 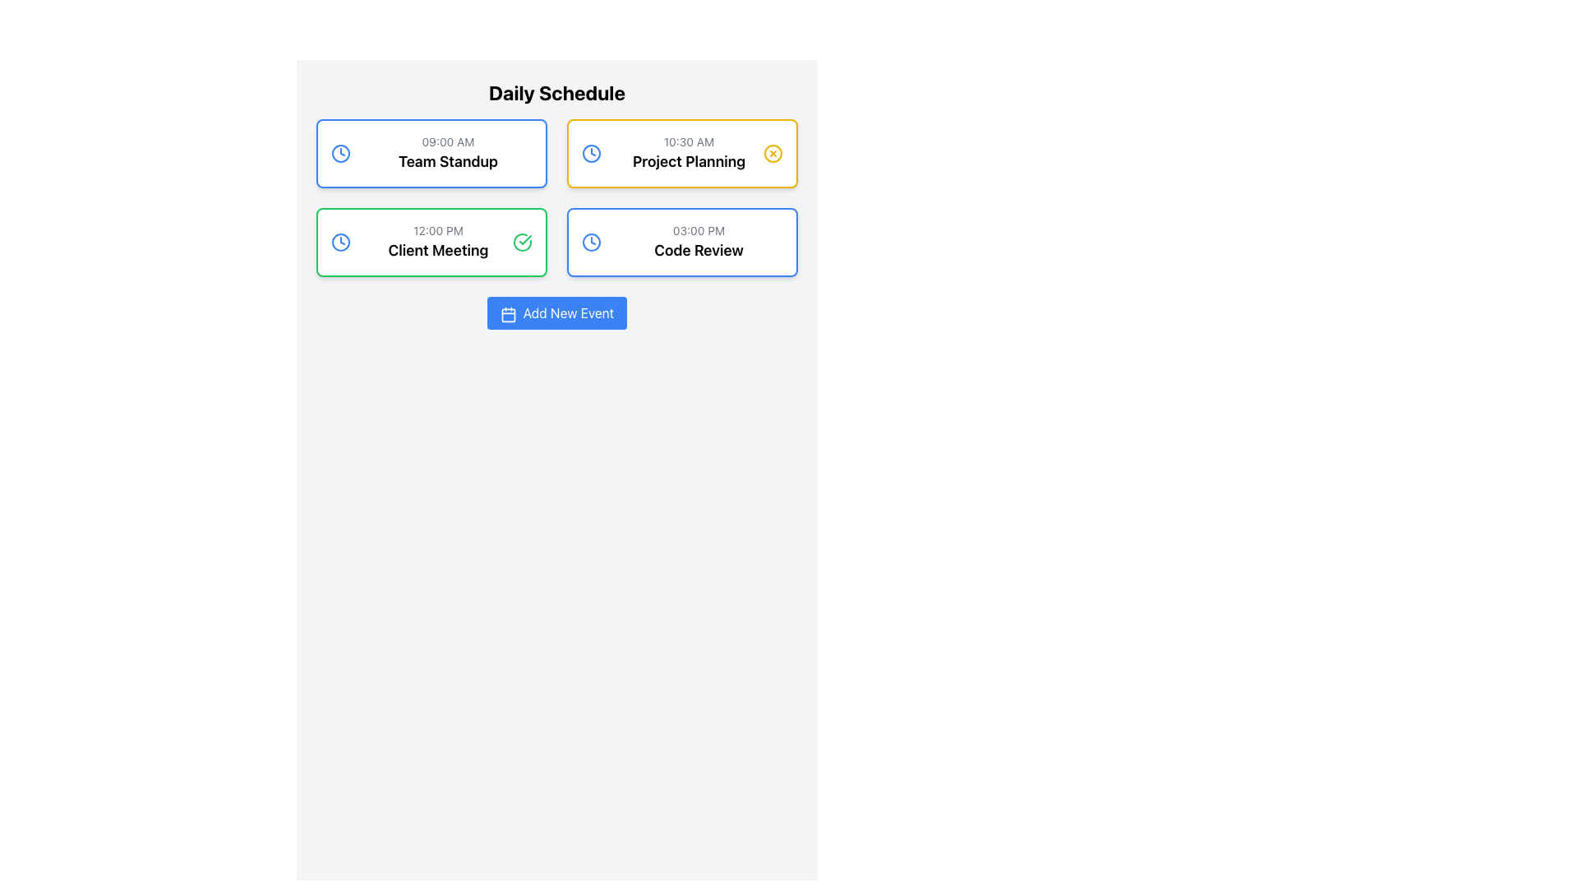 I want to click on the meeting schedule element displaying '09:00 AM' and 'Team Standup' for keyboard navigation, so click(x=448, y=153).